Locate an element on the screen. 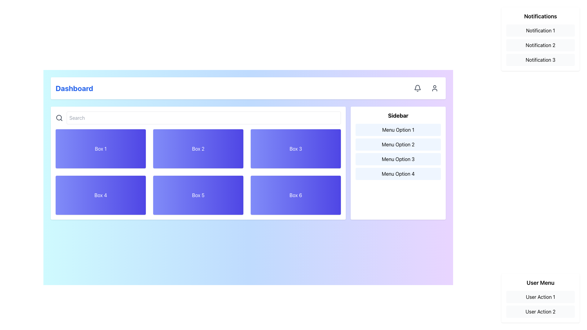 This screenshot has height=330, width=587. the button labeled 'Menu Option 3' in the sidebar is located at coordinates (398, 159).